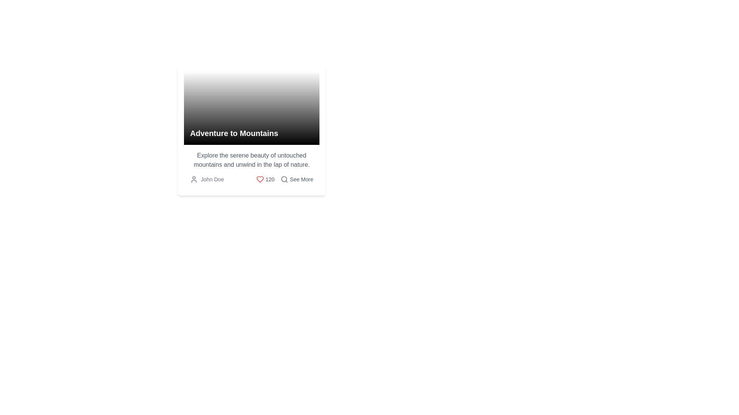  I want to click on the Text Label that indicates the like or favorite count, positioned to the right of the heart icon at the bottom center of the card layout, so click(270, 179).